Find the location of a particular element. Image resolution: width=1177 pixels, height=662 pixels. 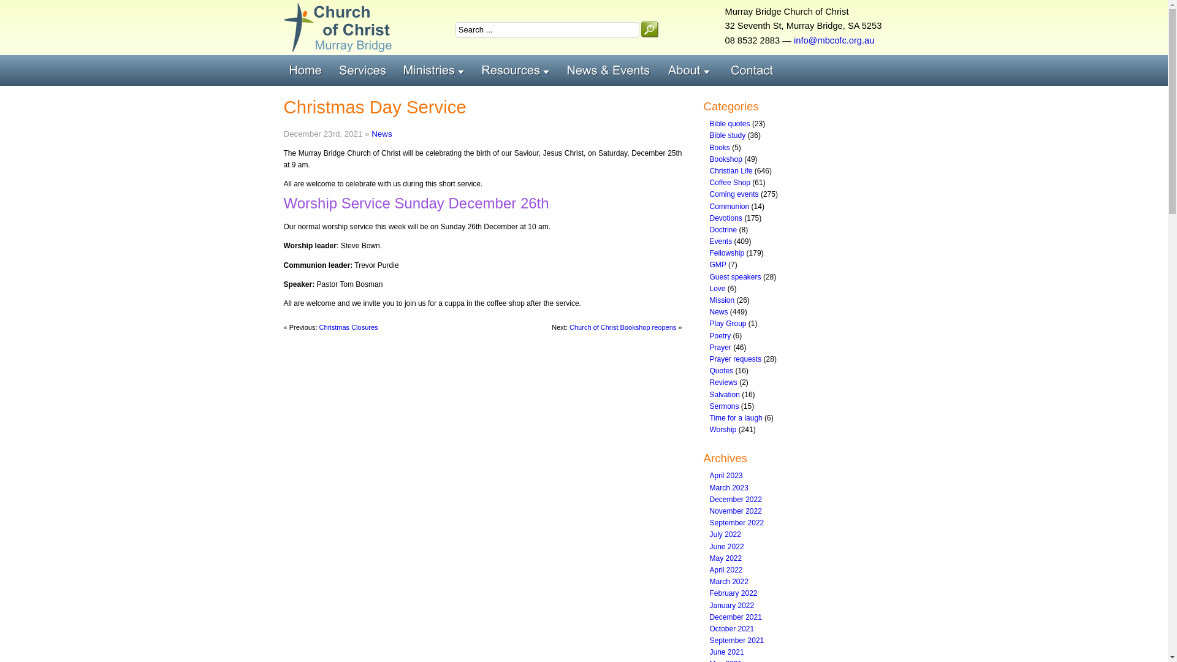

'Salvation' is located at coordinates (725, 394).